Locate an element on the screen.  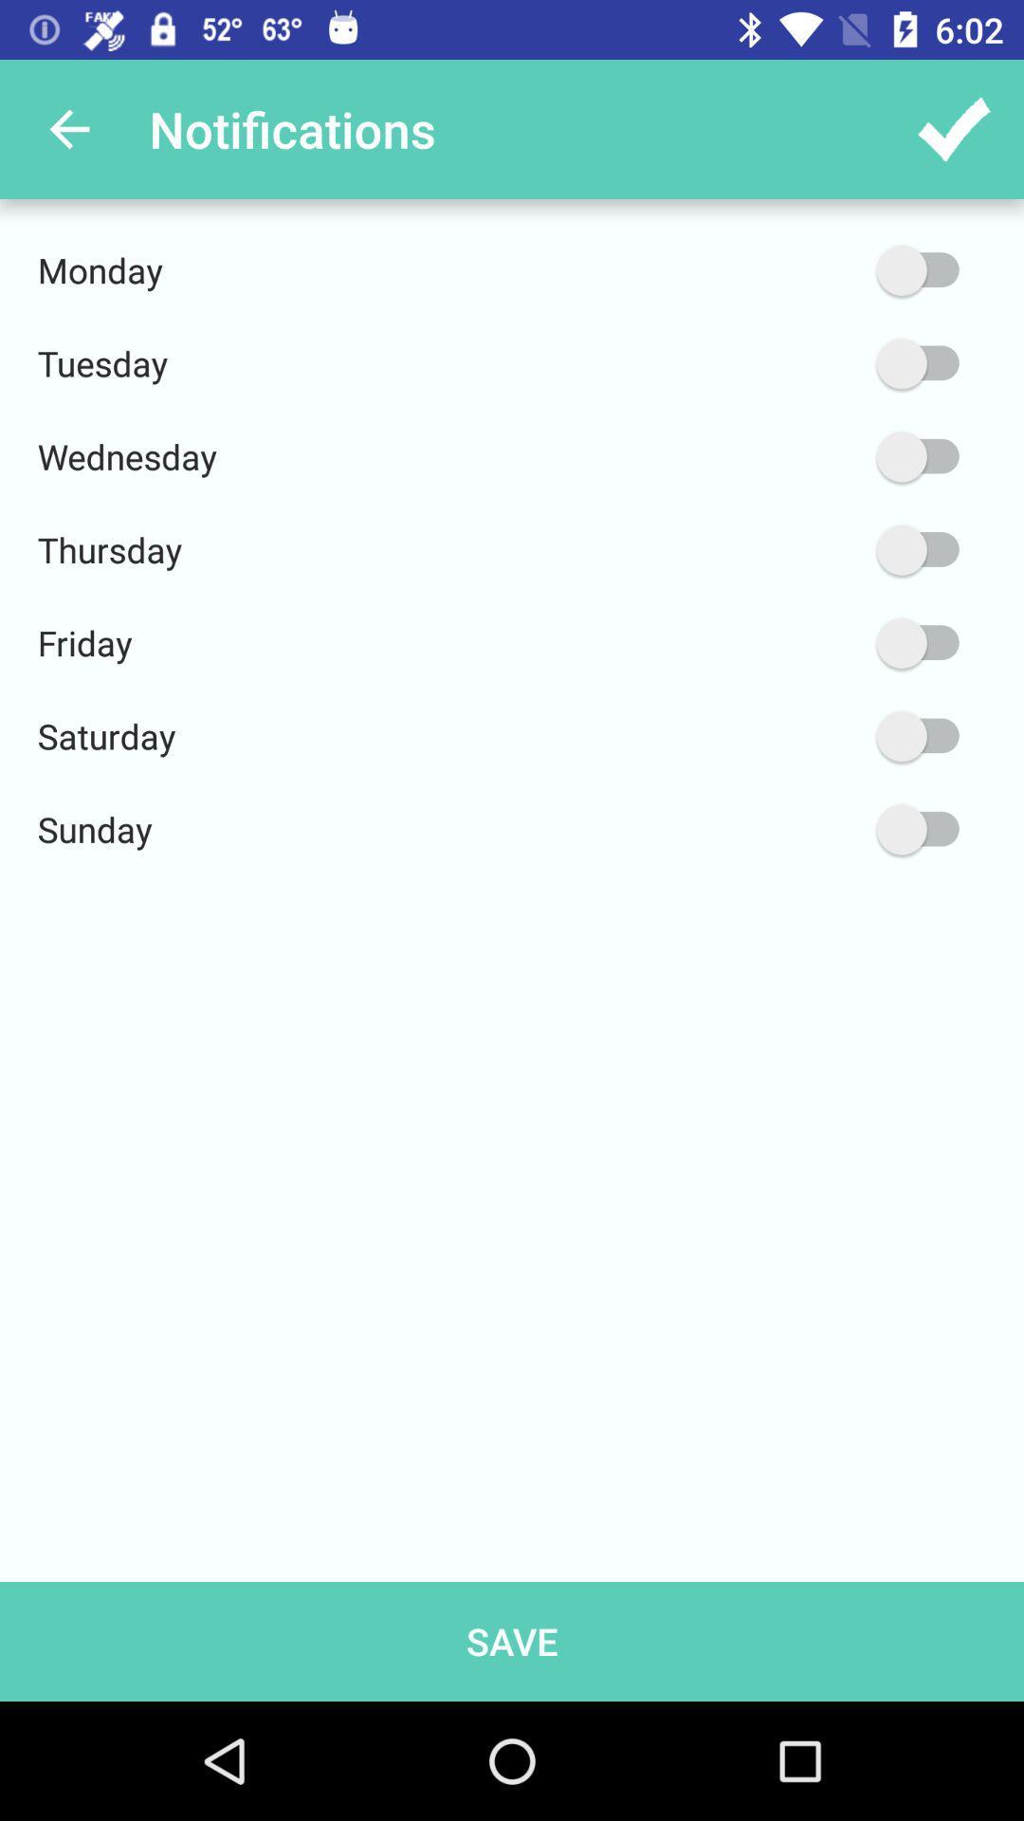
the monday option is located at coordinates (827, 269).